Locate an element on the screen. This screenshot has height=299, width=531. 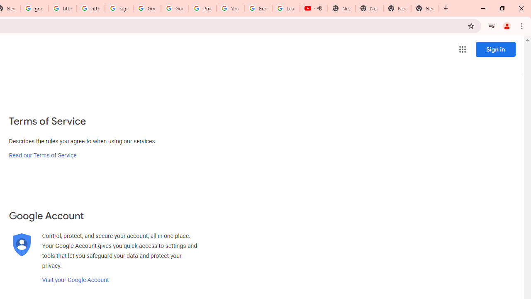
'Mute tab' is located at coordinates (319, 8).